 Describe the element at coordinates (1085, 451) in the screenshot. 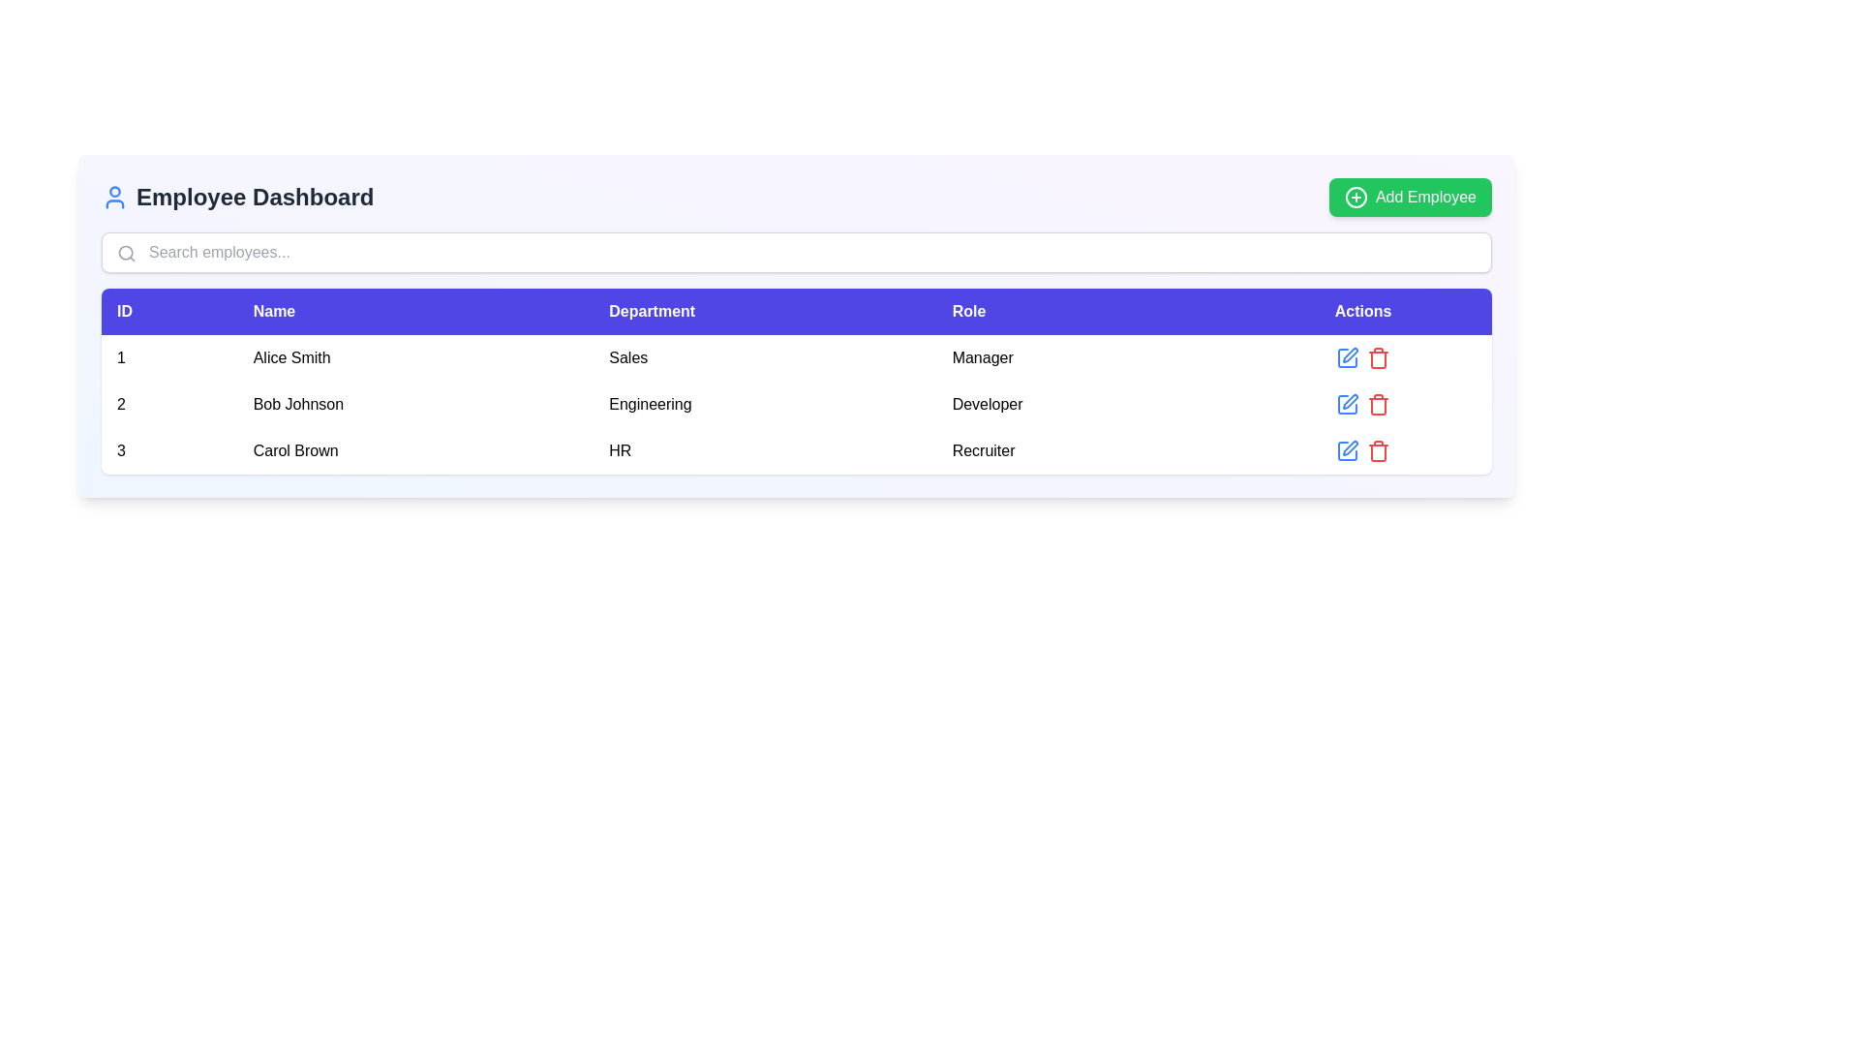

I see `the table cell indicating the role 'Recruiter' associated with 'Carol Brown' located in the 'Role' column of the third row` at that location.